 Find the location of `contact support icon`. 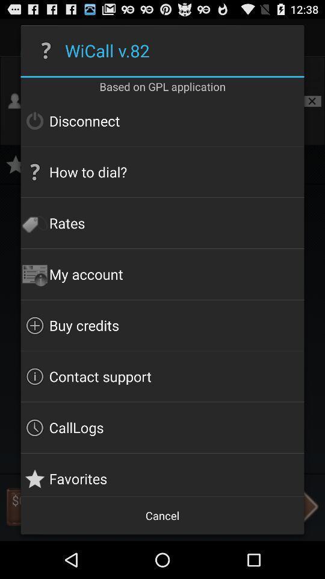

contact support icon is located at coordinates (162, 376).